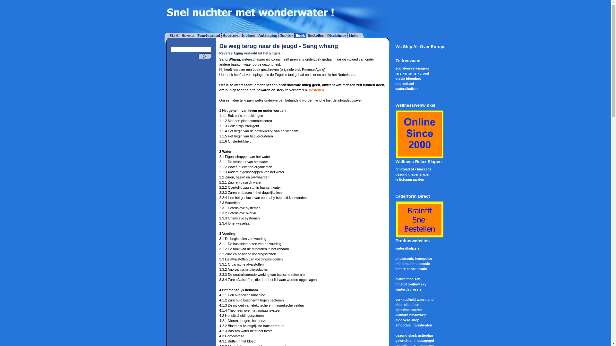 The height and width of the screenshot is (346, 616). Describe the element at coordinates (414, 258) in the screenshot. I see `'photosonix innerpulse'` at that location.